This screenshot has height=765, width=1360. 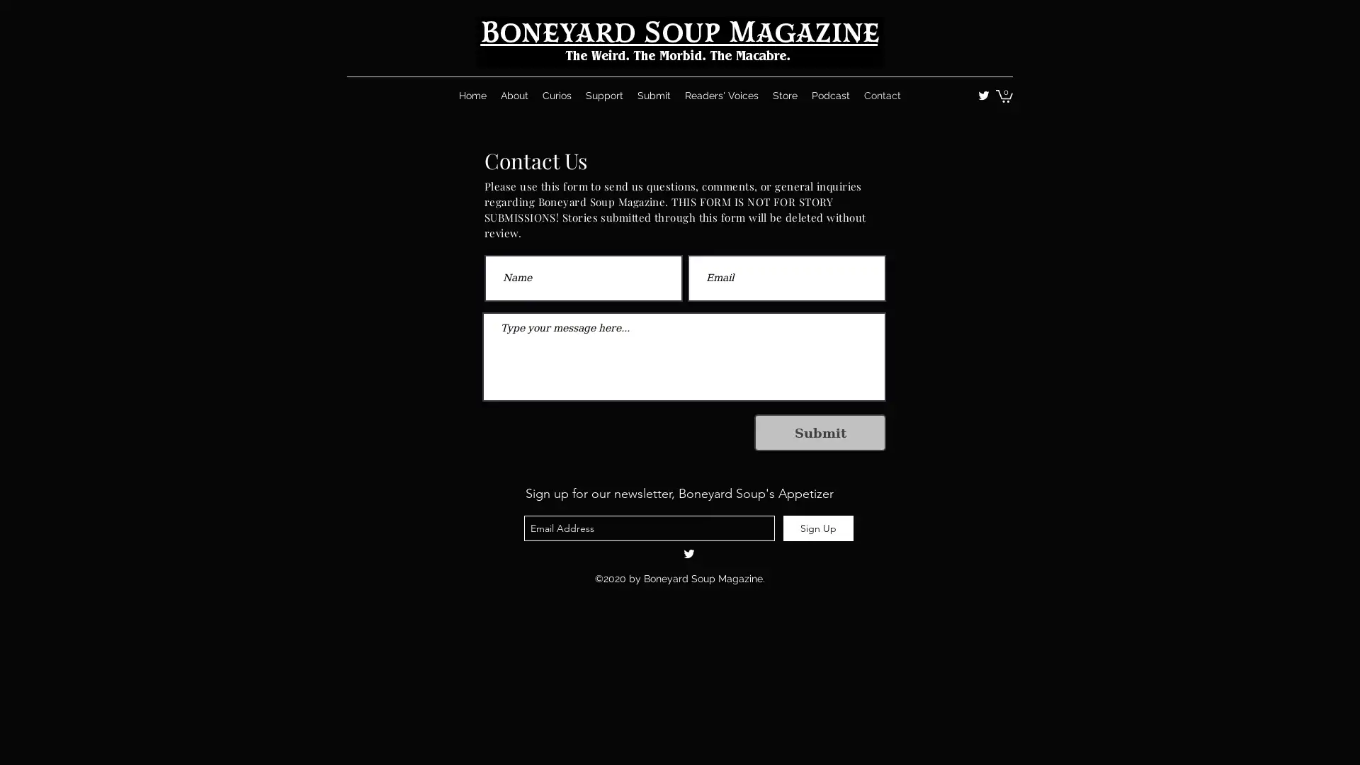 I want to click on Sign Up, so click(x=818, y=528).